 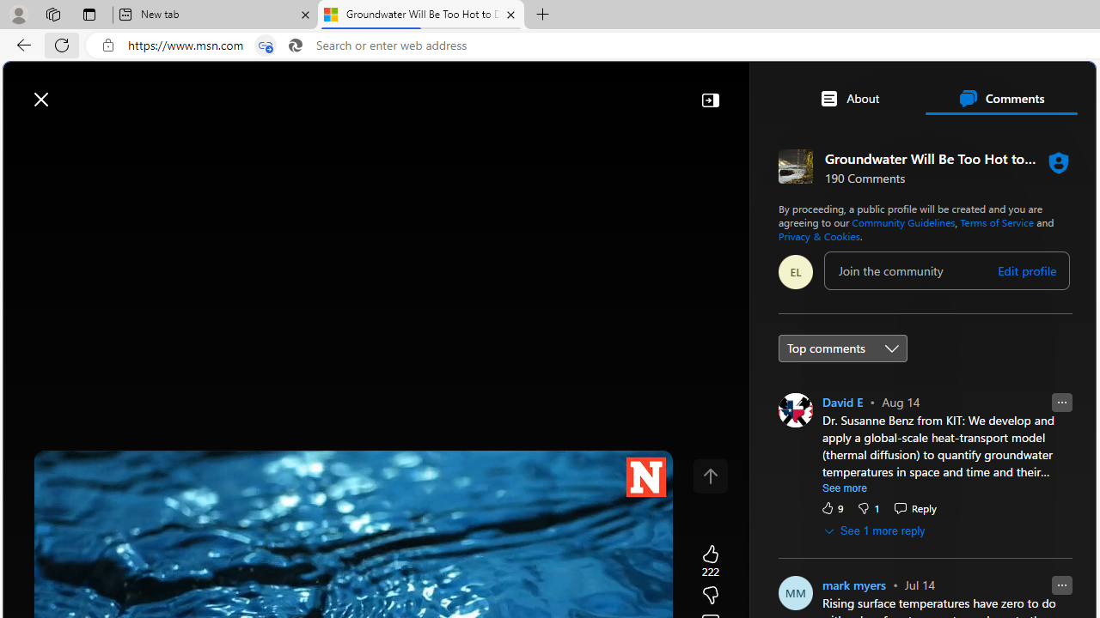 What do you see at coordinates (25, 139) in the screenshot?
I see `'Class: button-glyph'` at bounding box center [25, 139].